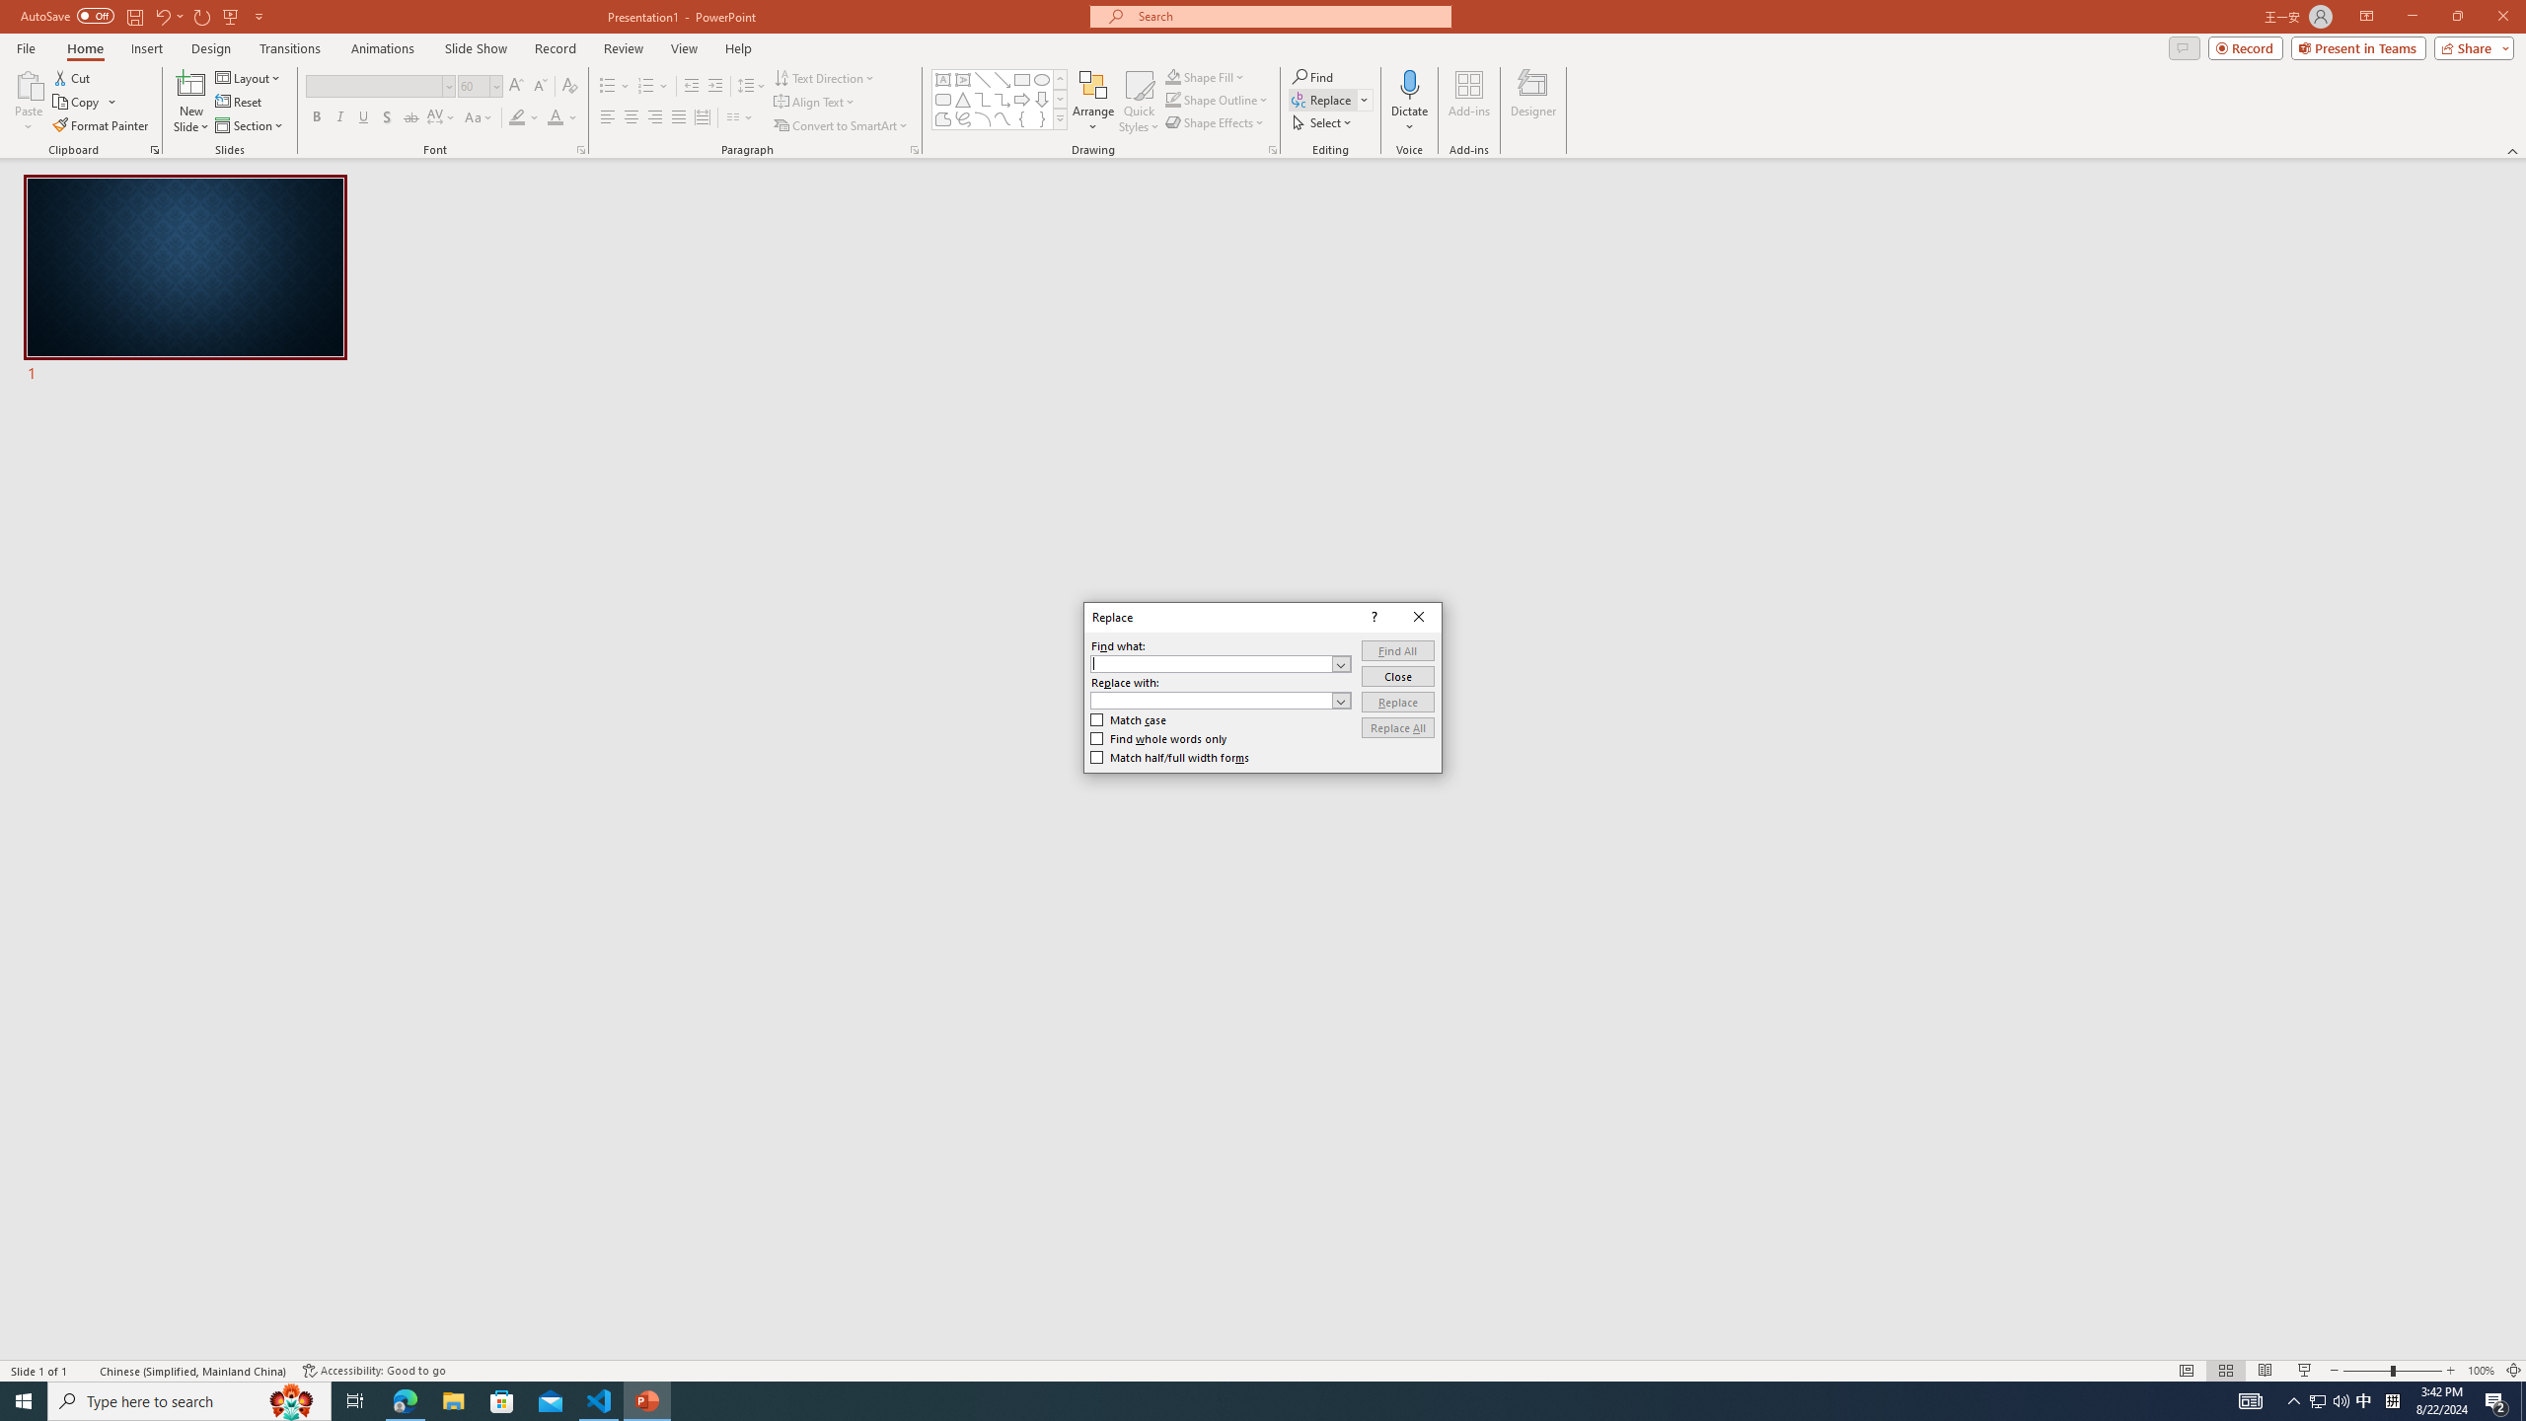 Image resolution: width=2526 pixels, height=1421 pixels. What do you see at coordinates (1002, 117) in the screenshot?
I see `'Curve'` at bounding box center [1002, 117].